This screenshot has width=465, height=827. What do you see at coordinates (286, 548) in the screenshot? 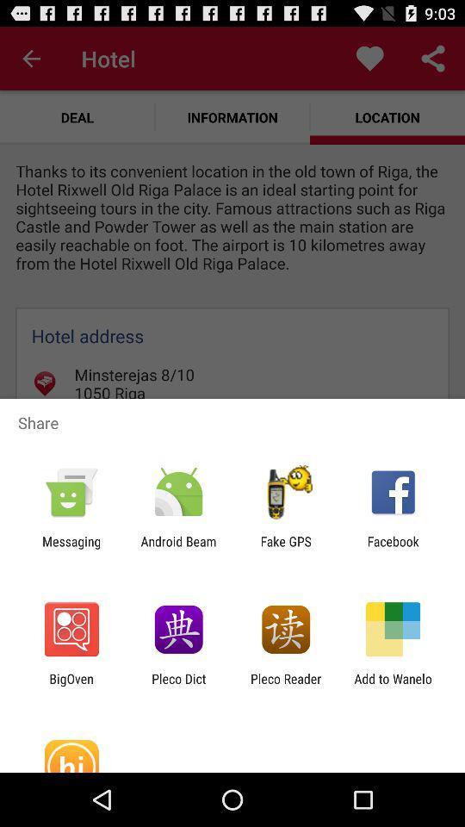
I see `fake gps item` at bounding box center [286, 548].